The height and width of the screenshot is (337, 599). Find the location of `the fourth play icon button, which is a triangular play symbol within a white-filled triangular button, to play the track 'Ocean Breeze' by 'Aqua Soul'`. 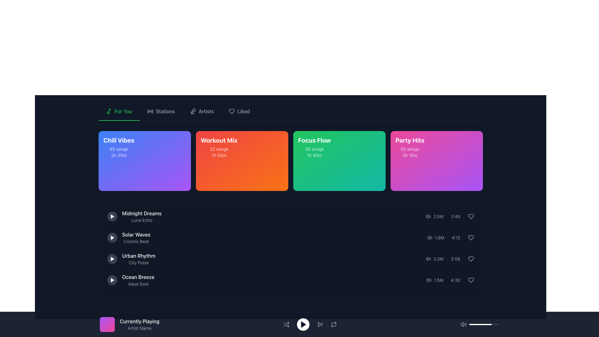

the fourth play icon button, which is a triangular play symbol within a white-filled triangular button, to play the track 'Ocean Breeze' by 'Aqua Soul' is located at coordinates (112, 280).